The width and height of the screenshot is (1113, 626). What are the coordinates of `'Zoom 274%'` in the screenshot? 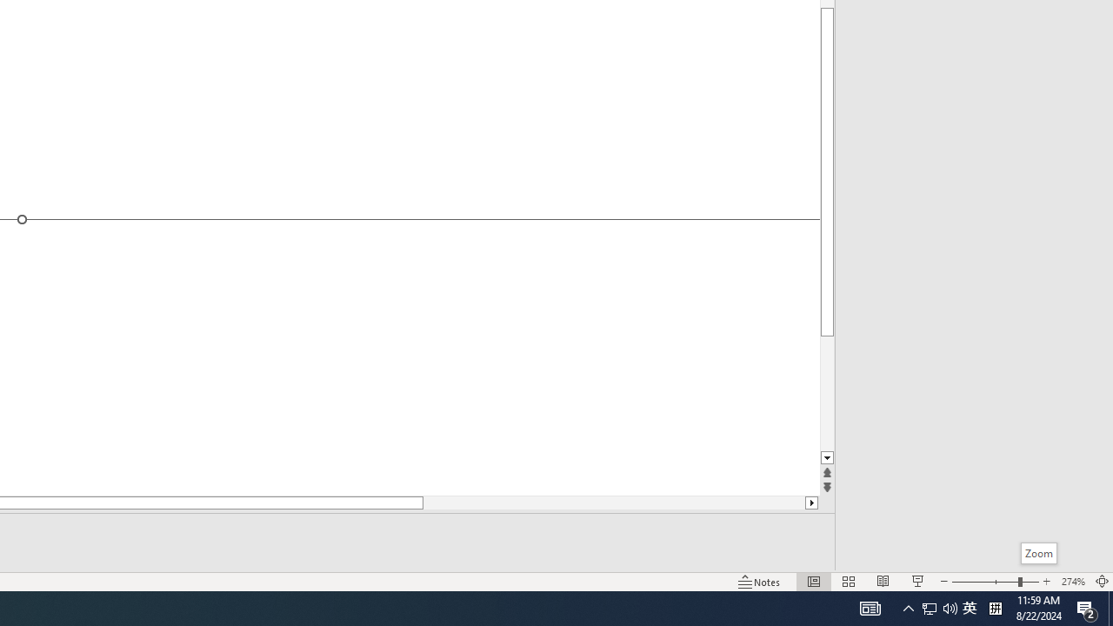 It's located at (1072, 582).